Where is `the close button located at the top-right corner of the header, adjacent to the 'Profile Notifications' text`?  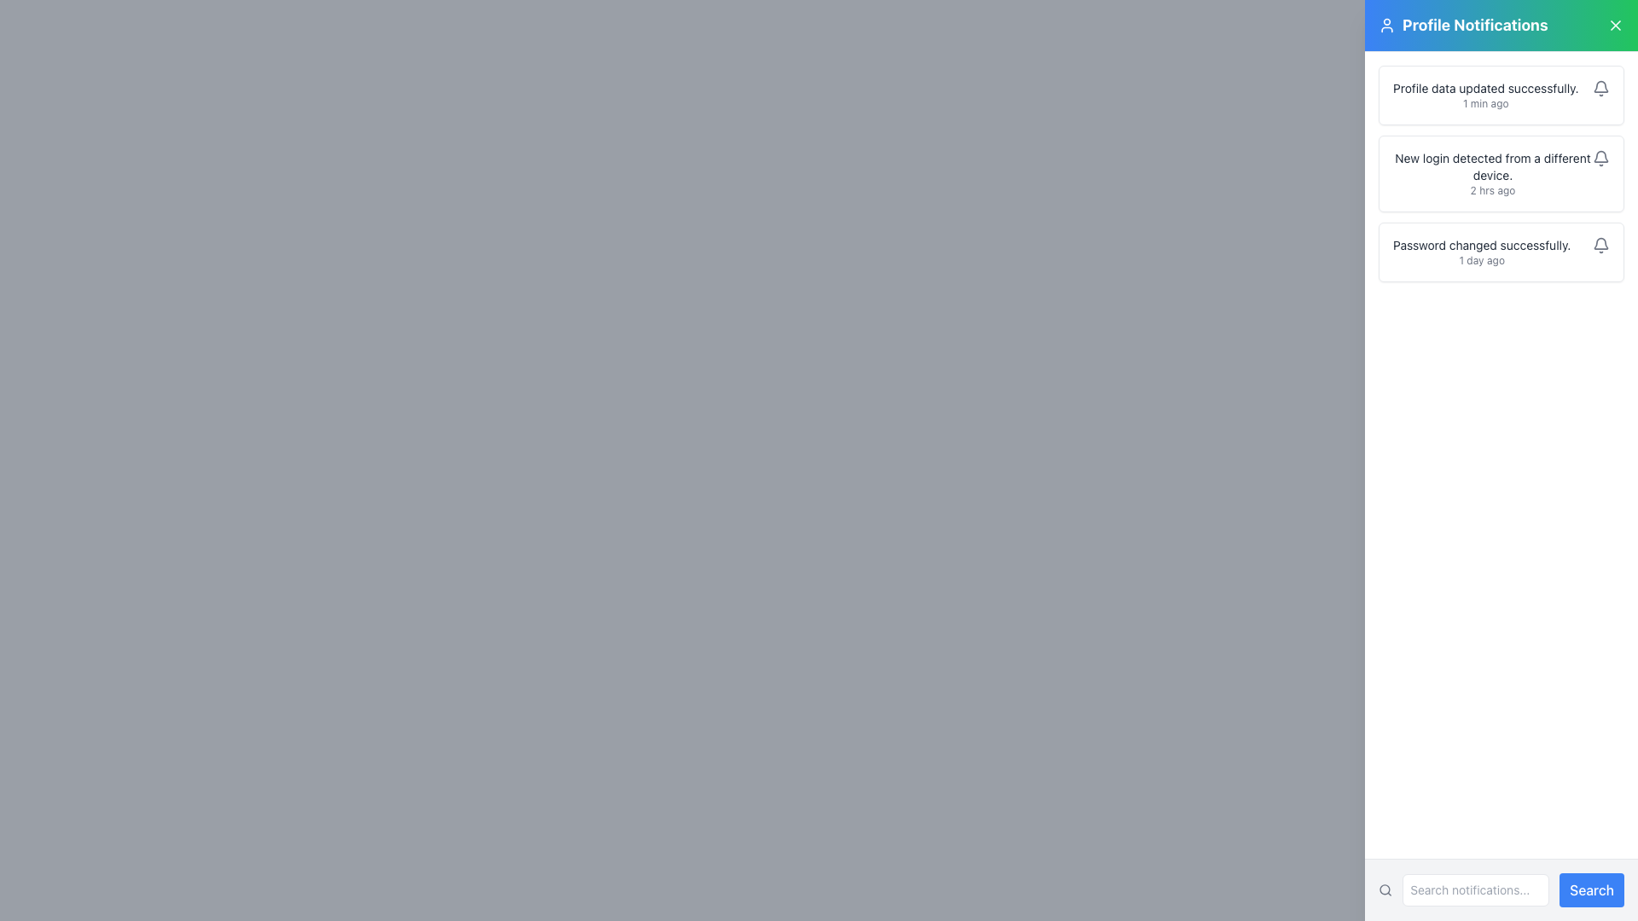 the close button located at the top-right corner of the header, adjacent to the 'Profile Notifications' text is located at coordinates (1615, 26).